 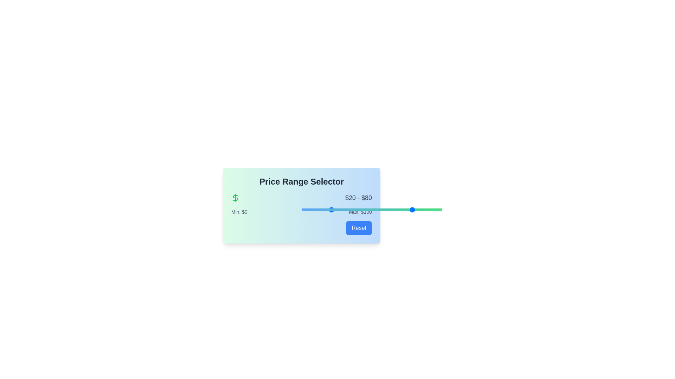 What do you see at coordinates (384, 209) in the screenshot?
I see `the slider` at bounding box center [384, 209].